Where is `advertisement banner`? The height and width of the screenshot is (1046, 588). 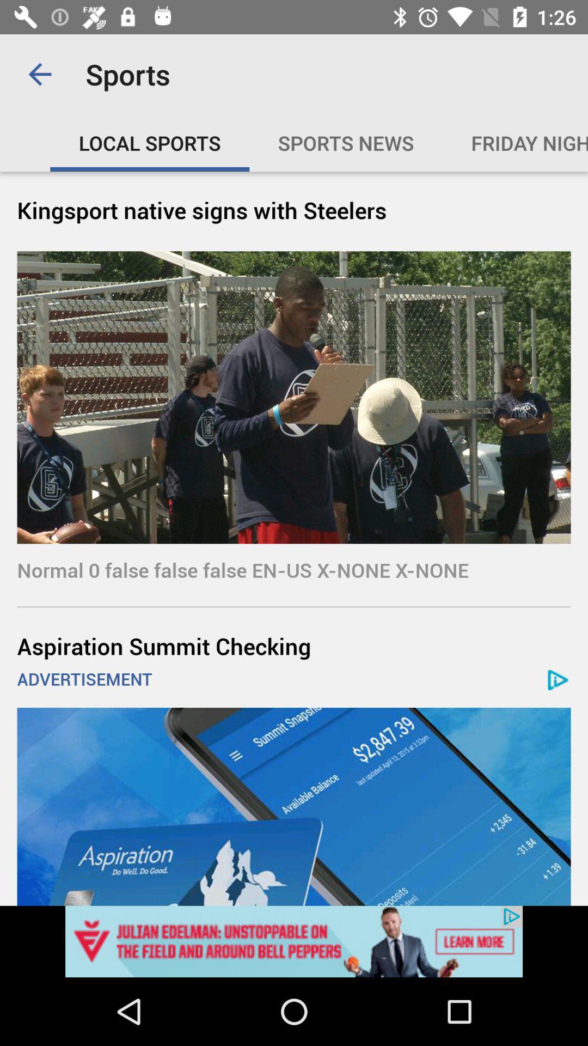 advertisement banner is located at coordinates (294, 806).